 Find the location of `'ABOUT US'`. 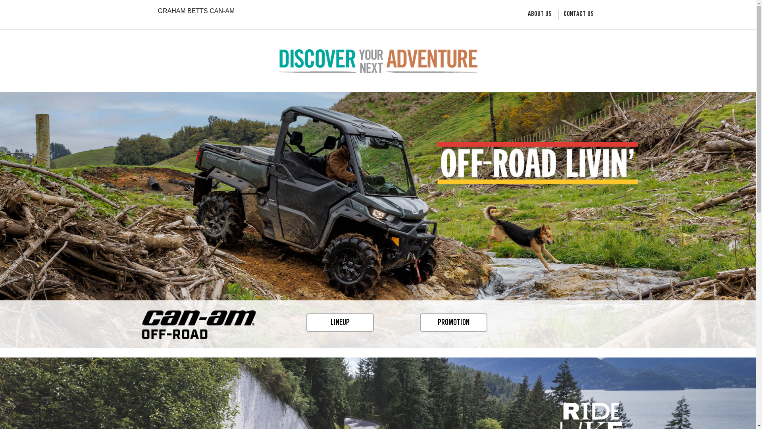

'ABOUT US' is located at coordinates (539, 15).